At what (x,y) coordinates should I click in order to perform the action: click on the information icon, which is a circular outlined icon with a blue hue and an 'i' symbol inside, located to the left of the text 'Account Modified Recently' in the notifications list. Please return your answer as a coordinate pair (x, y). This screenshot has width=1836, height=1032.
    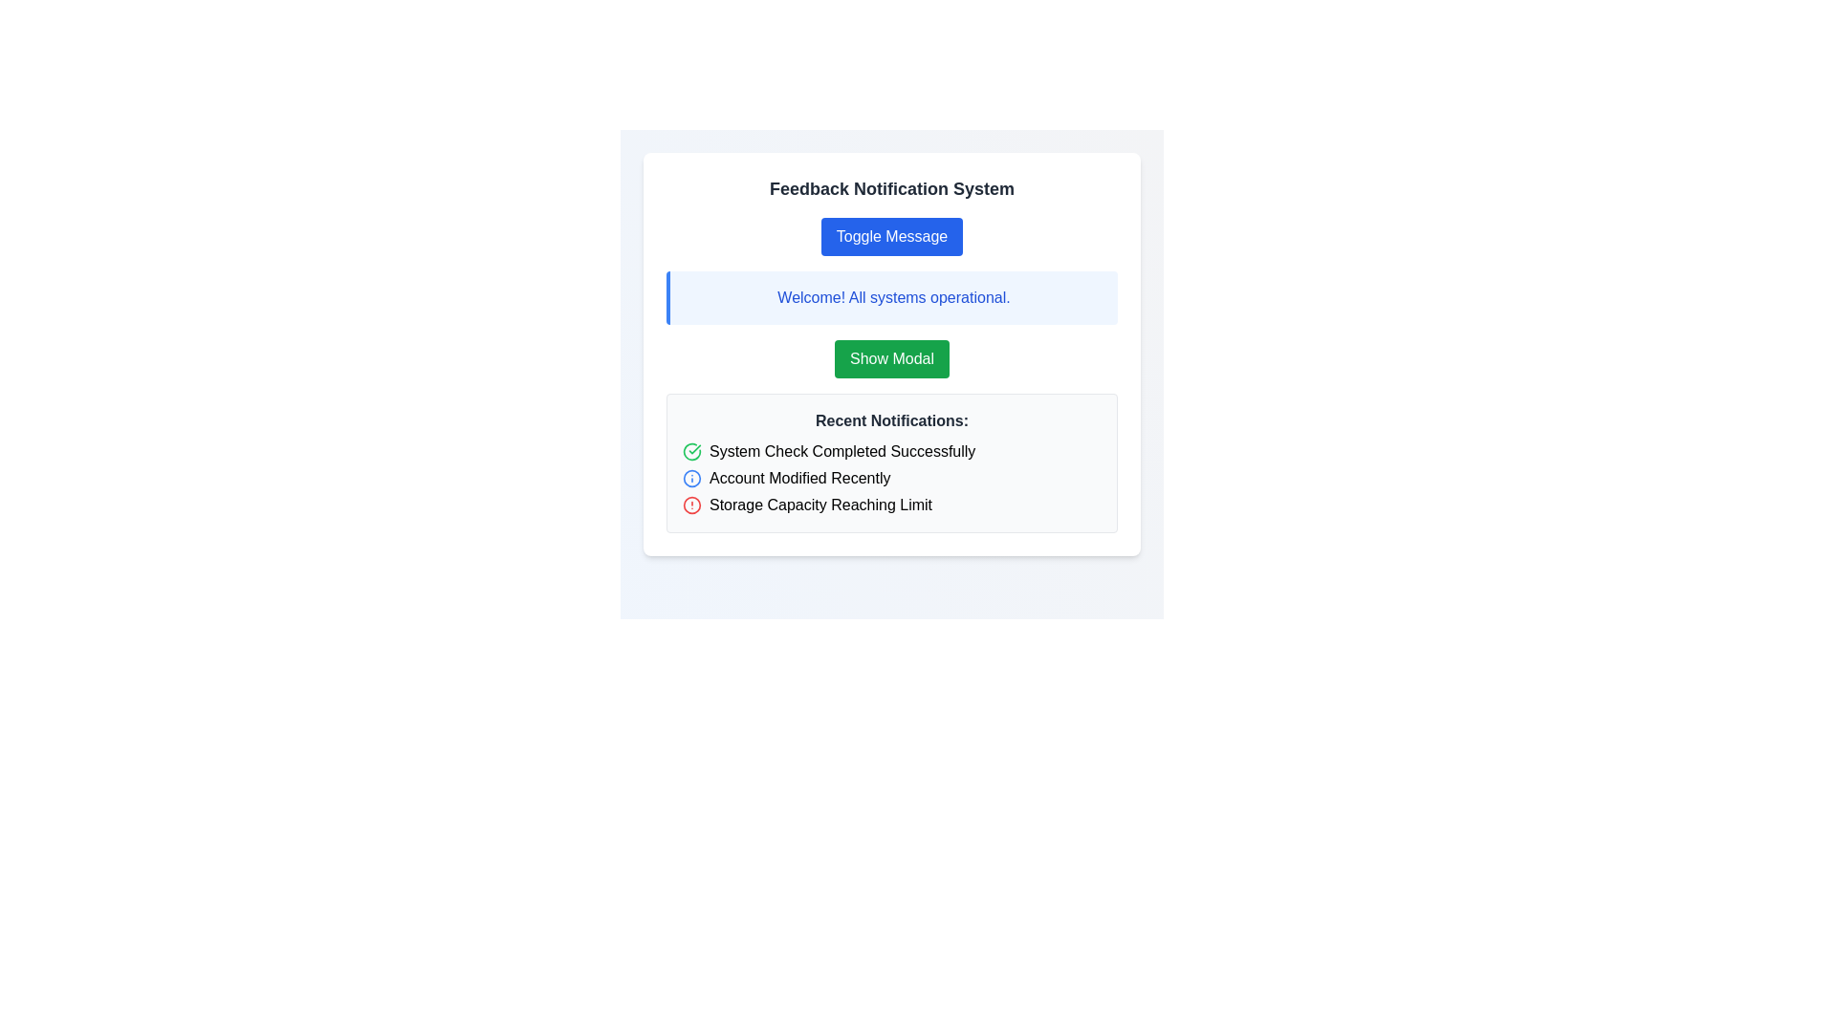
    Looking at the image, I should click on (691, 478).